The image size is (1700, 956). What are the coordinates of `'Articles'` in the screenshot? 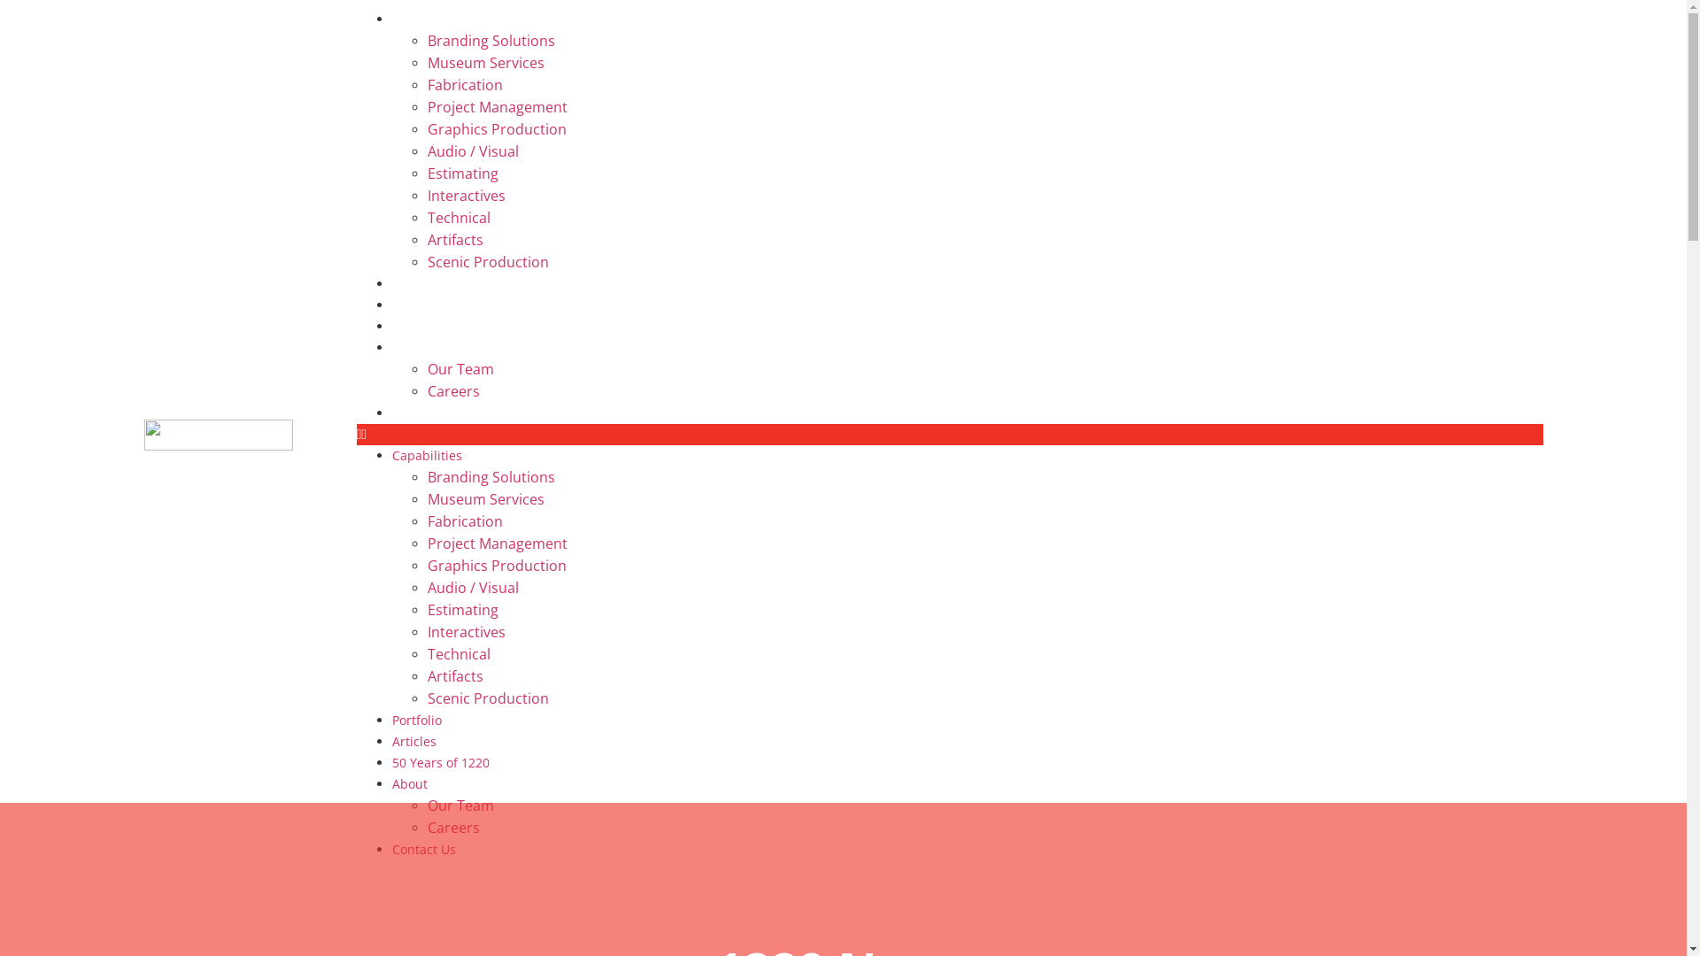 It's located at (412, 304).